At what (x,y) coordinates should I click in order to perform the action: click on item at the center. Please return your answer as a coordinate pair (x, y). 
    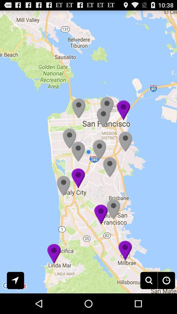
    Looking at the image, I should click on (88, 152).